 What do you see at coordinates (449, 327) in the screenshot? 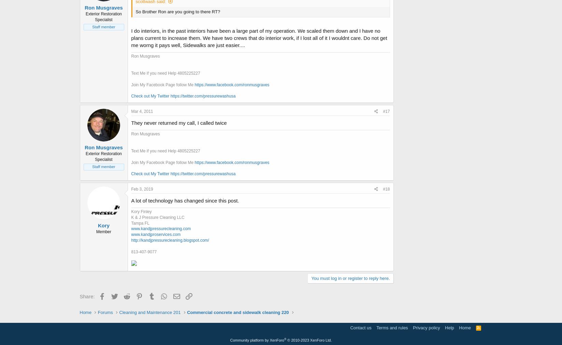
I see `'Help'` at bounding box center [449, 327].